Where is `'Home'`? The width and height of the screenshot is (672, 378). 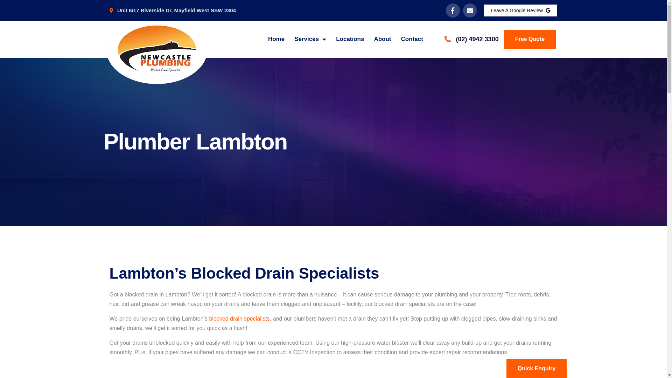
'Home' is located at coordinates (276, 39).